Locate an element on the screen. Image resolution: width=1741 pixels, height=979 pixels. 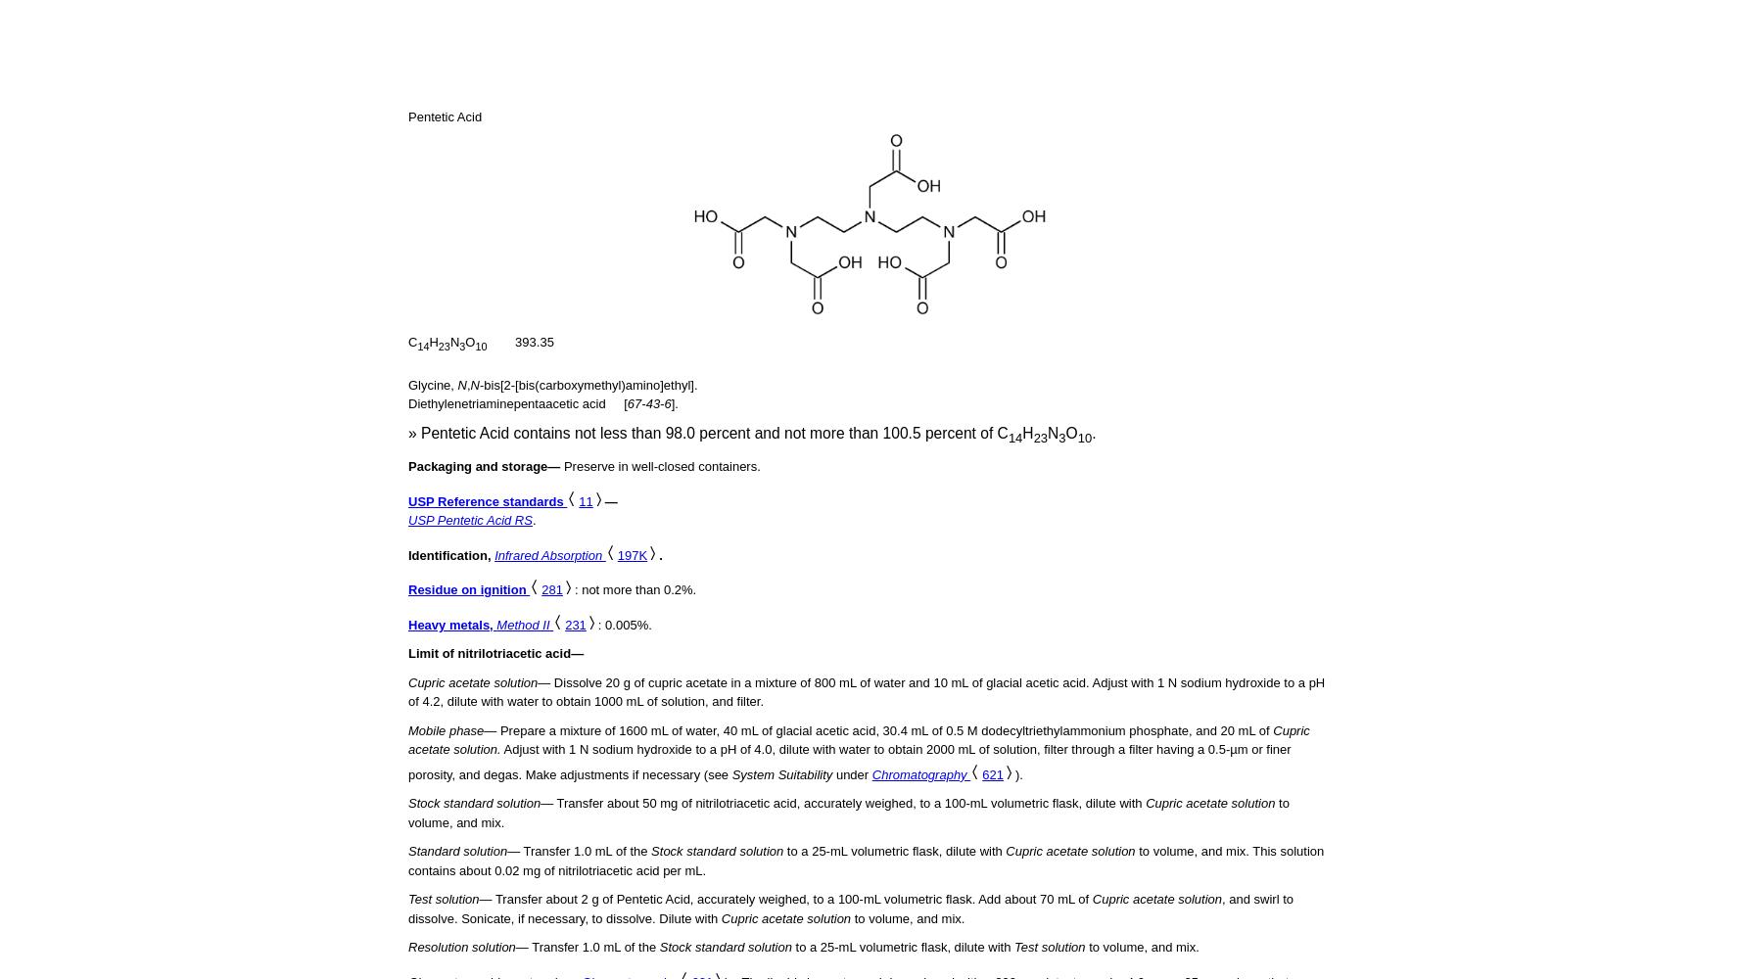
'Dissolve 20 g of cupric acetate in a mixture of 800 mL of water and 10 mL of glacial acetic acid. Adjust with 1 N sodium hydroxide to a pH of 4.2, dilute with water to obtain 1000 mL of solution, and filter.' is located at coordinates (866, 690).